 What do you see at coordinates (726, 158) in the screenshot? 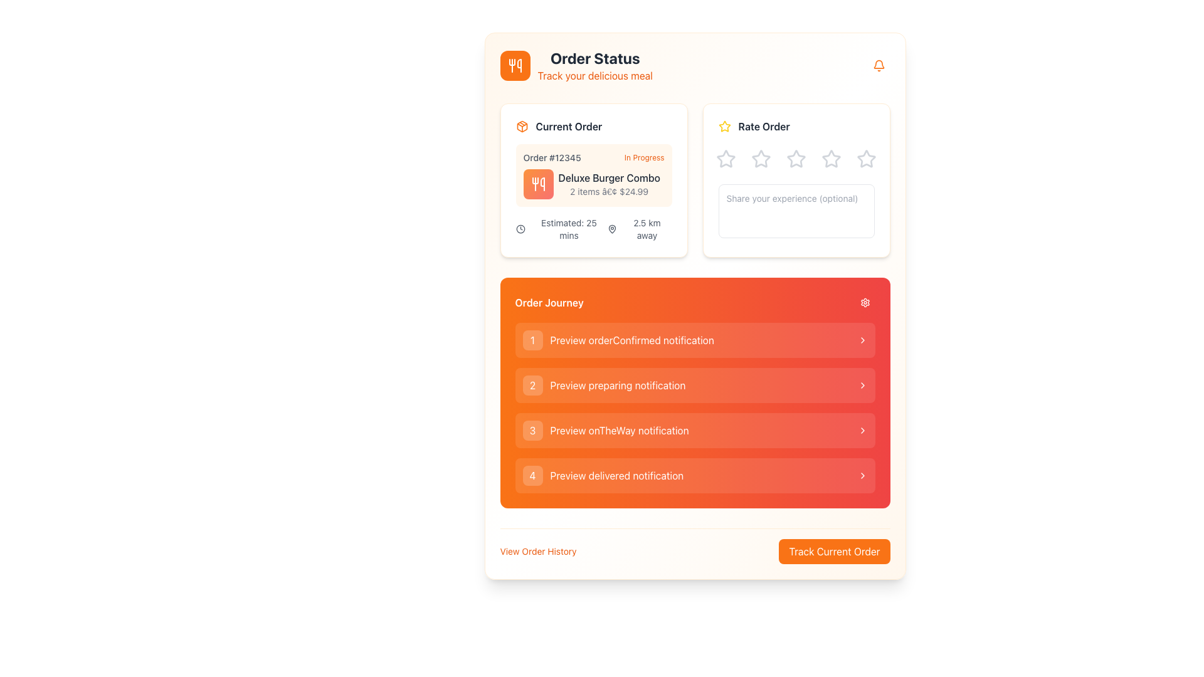
I see `the first outlined star icon in the 'Rate Order' section` at bounding box center [726, 158].